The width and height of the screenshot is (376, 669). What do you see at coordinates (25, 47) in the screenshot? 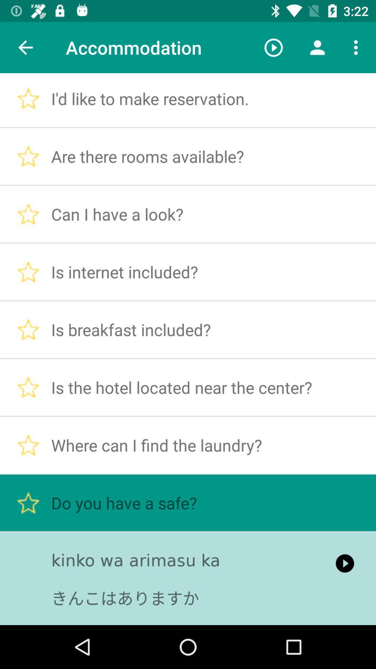
I see `the icon to the left of the accommodation icon` at bounding box center [25, 47].